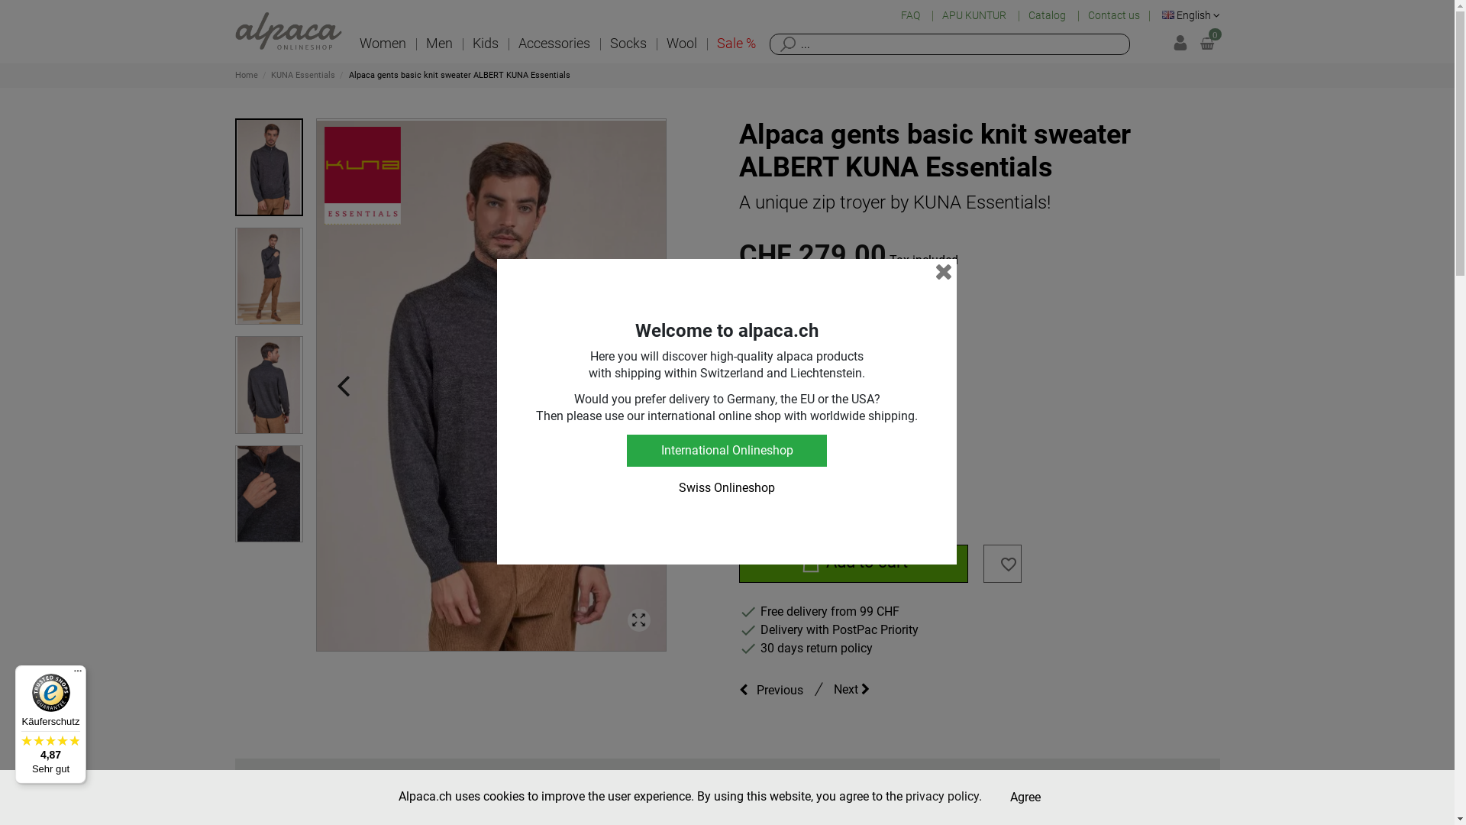 This screenshot has width=1466, height=825. What do you see at coordinates (912, 15) in the screenshot?
I see `'FAQ'` at bounding box center [912, 15].